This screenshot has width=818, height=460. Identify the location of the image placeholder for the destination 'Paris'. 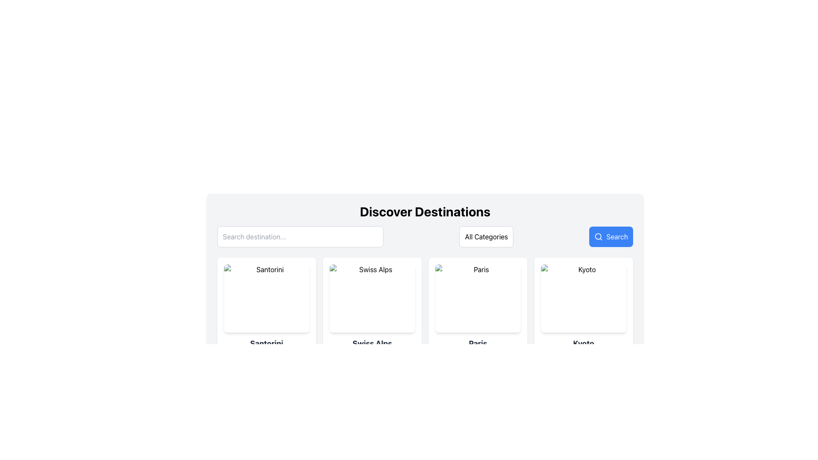
(478, 298).